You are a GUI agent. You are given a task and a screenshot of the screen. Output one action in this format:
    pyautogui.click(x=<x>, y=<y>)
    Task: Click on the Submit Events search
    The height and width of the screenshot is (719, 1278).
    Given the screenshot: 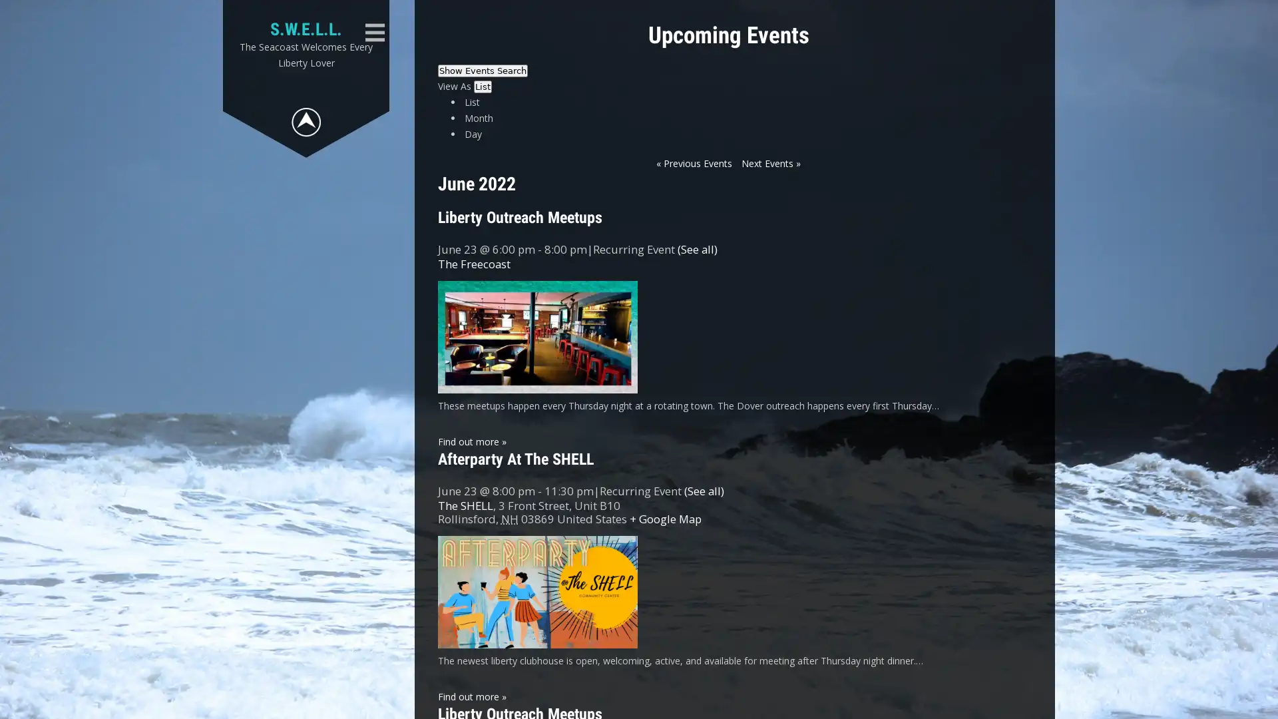 What is the action you would take?
    pyautogui.click(x=463, y=117)
    